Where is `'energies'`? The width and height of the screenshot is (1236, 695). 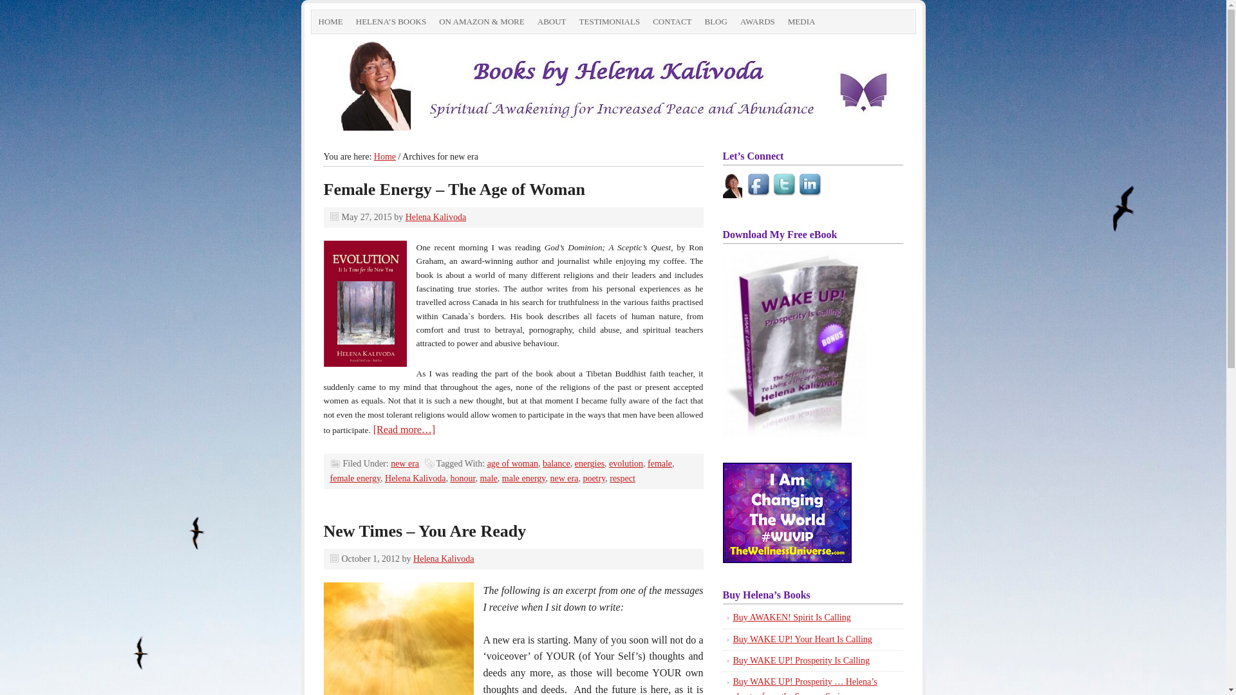 'energies' is located at coordinates (589, 463).